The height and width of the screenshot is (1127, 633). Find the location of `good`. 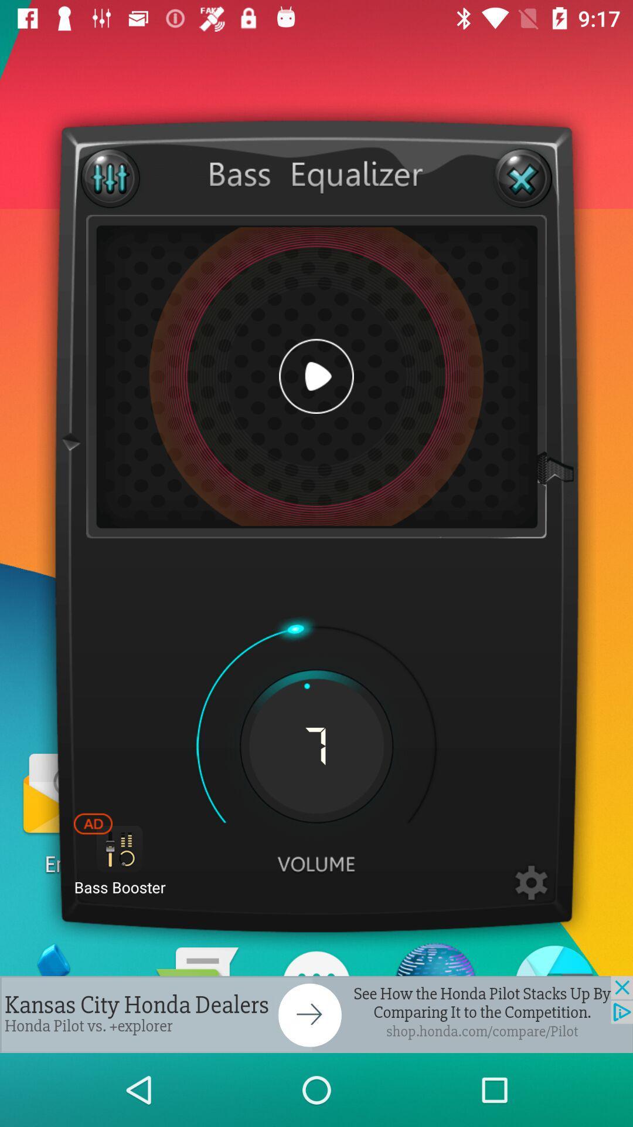

good is located at coordinates (531, 883).